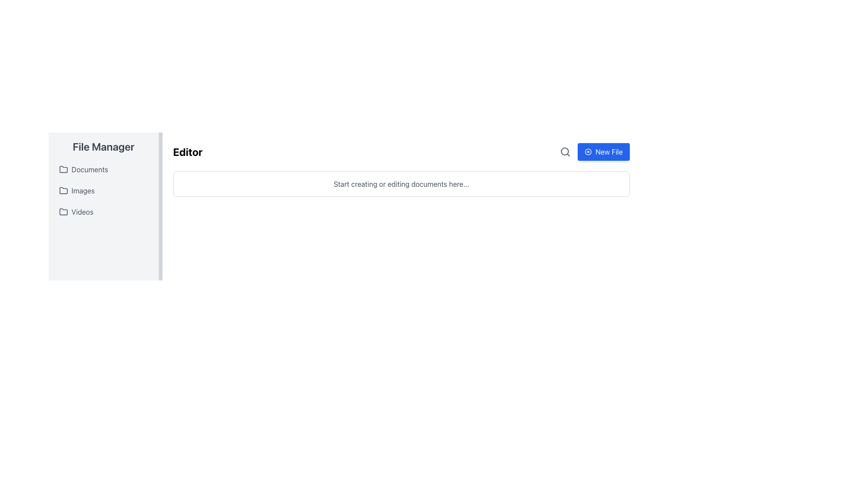  I want to click on the SVG Folder Icon located in the 'File Manager' sidebar, which is the first icon in the vertical list, positioned to the left of the 'Documents' label, so click(63, 170).